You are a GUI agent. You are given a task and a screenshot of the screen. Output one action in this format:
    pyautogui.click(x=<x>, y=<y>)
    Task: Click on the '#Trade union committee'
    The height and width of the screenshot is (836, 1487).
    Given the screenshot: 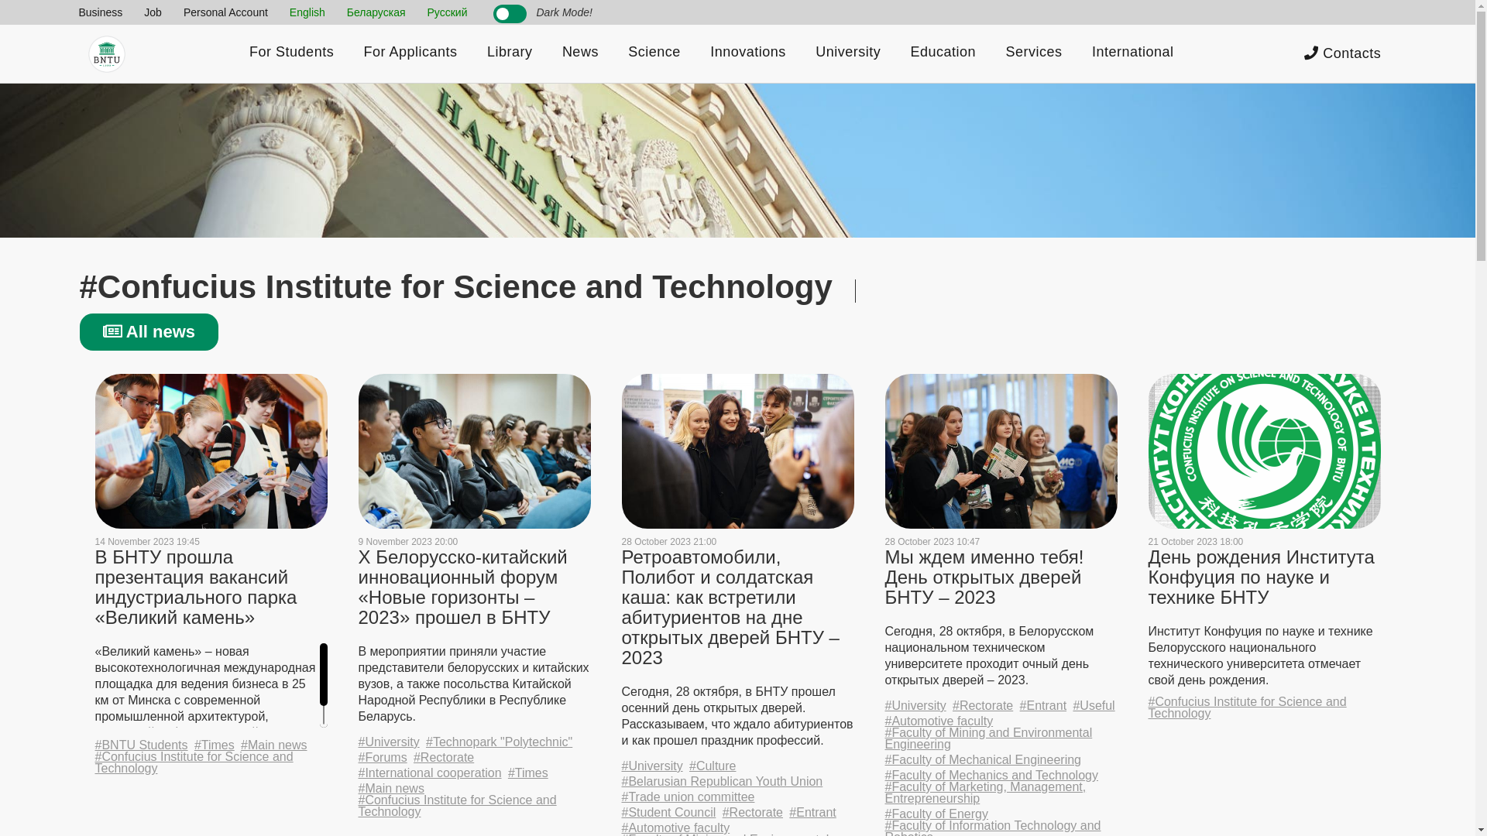 What is the action you would take?
    pyautogui.click(x=687, y=797)
    